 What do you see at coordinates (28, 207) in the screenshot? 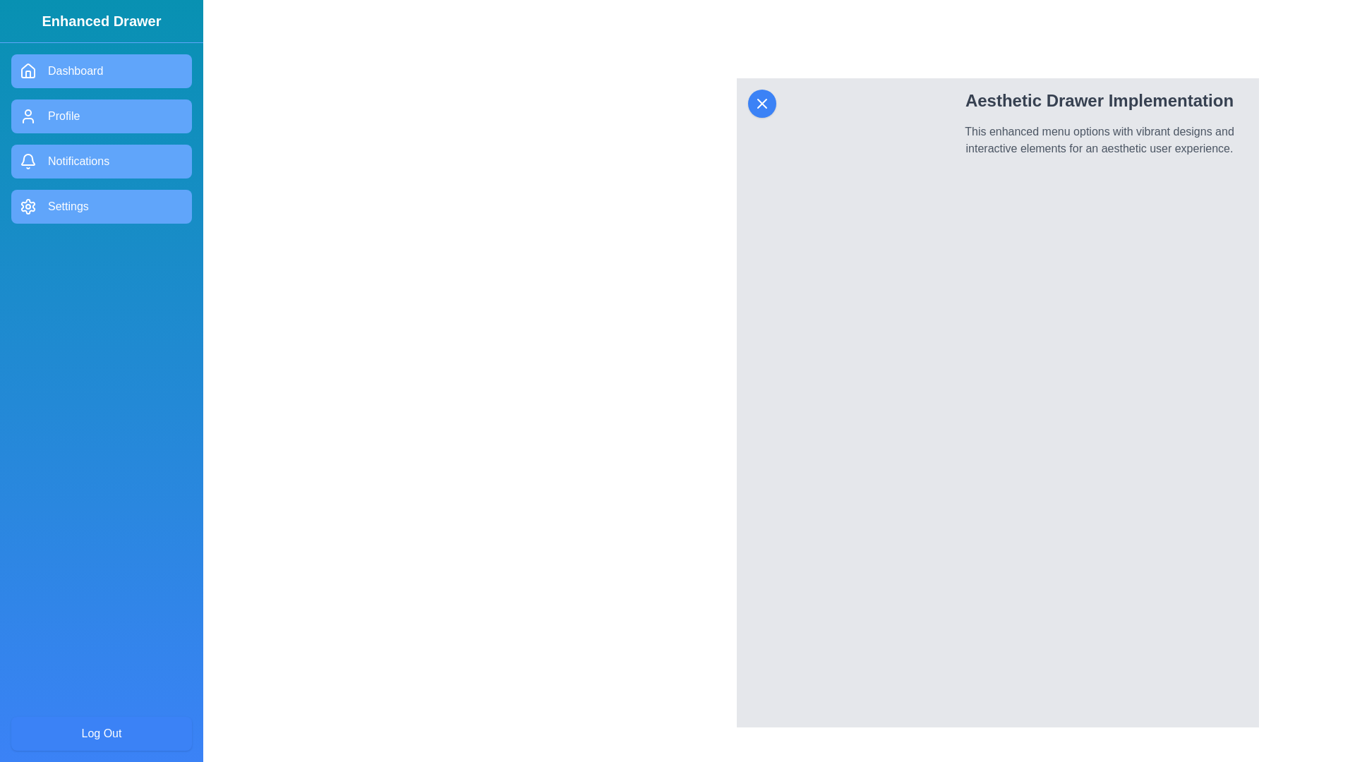
I see `the cogwheel icon with a hollow center and thin outline that is positioned next to the 'Settings' label in the vertical menu` at bounding box center [28, 207].